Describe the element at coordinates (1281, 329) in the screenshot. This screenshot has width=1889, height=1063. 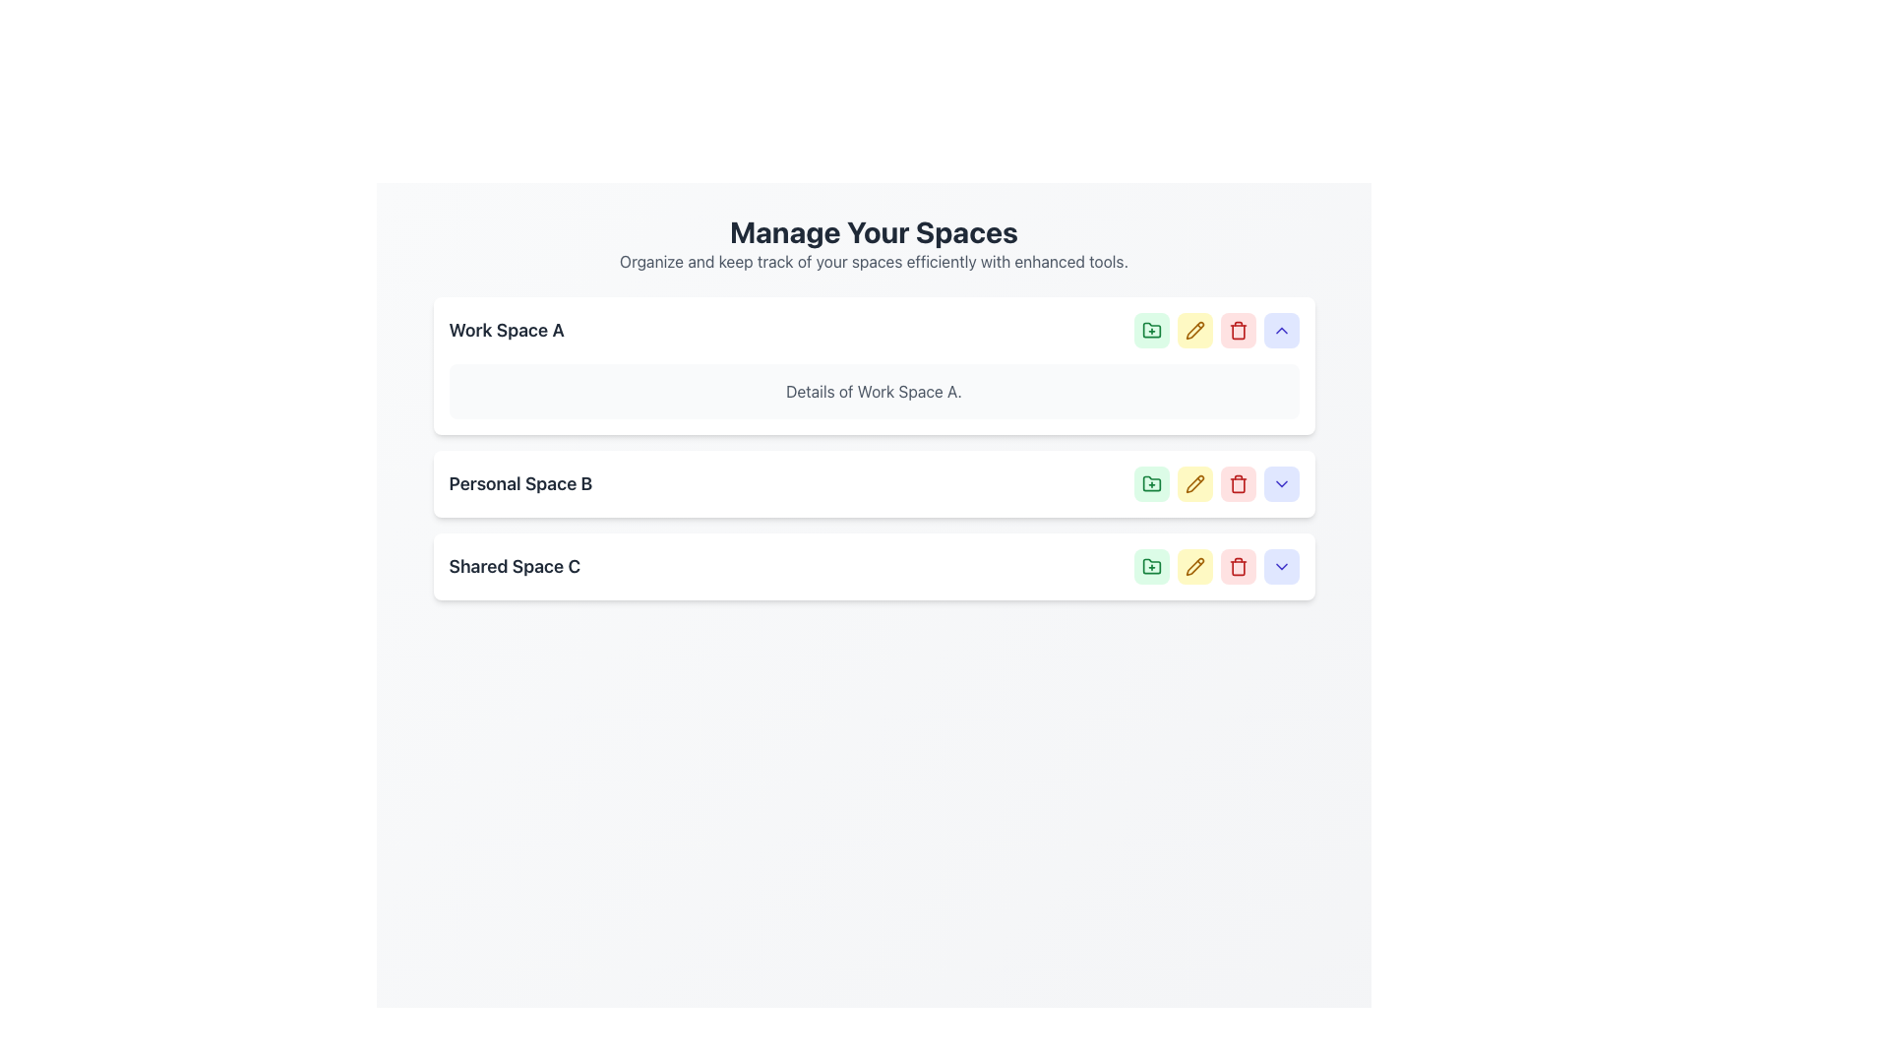
I see `the arrow icon in the third interactive button on the far right of the top row of the 'Work Space A' section` at that location.